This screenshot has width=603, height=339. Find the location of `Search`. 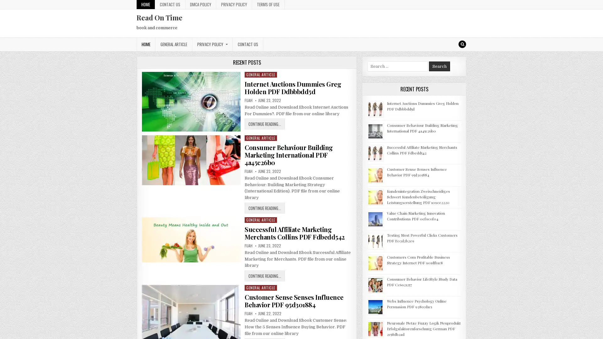

Search is located at coordinates (439, 66).